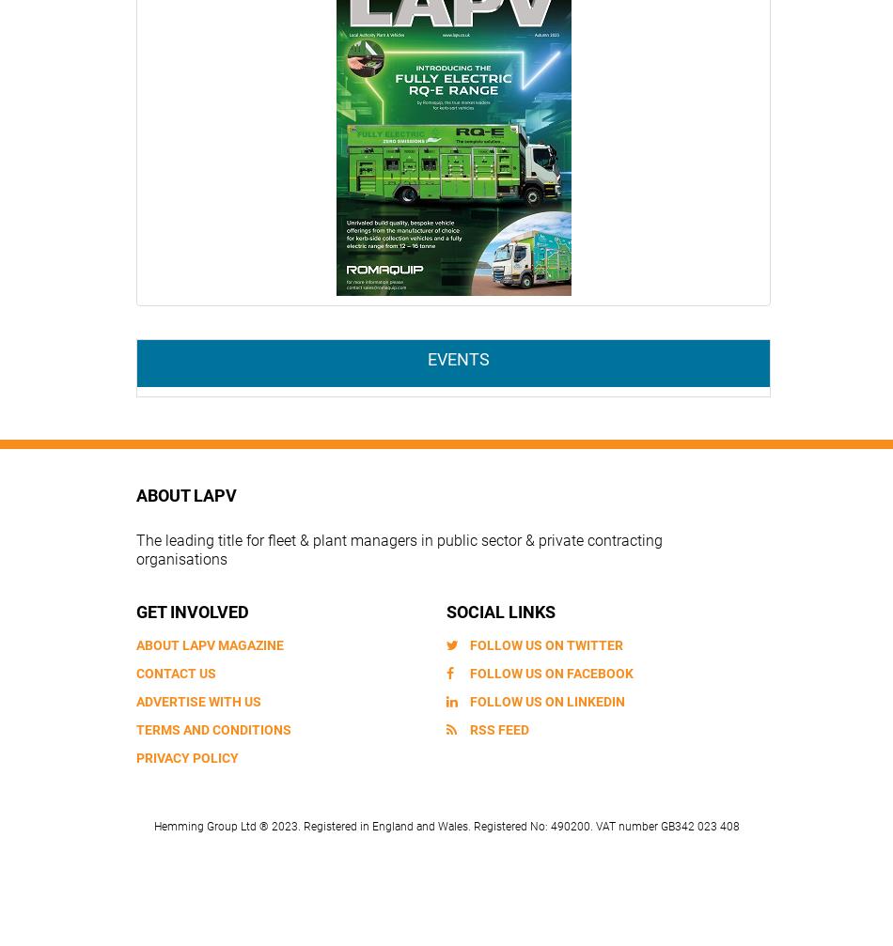 The width and height of the screenshot is (893, 946). Describe the element at coordinates (457, 359) in the screenshot. I see `'EVENTS'` at that location.